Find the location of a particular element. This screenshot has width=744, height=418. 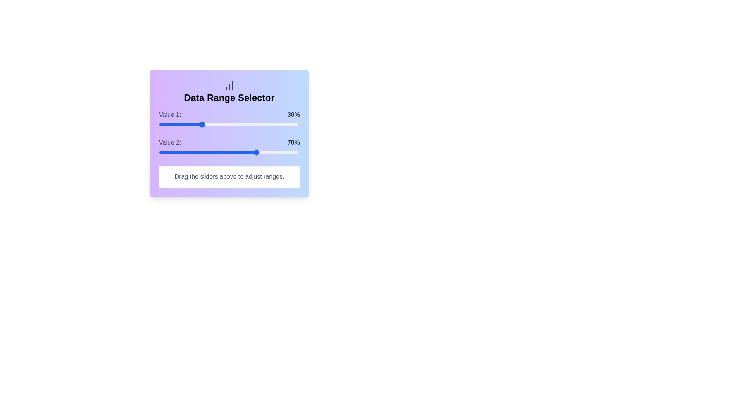

the informational text at the bottom of the component to select it is located at coordinates (229, 176).